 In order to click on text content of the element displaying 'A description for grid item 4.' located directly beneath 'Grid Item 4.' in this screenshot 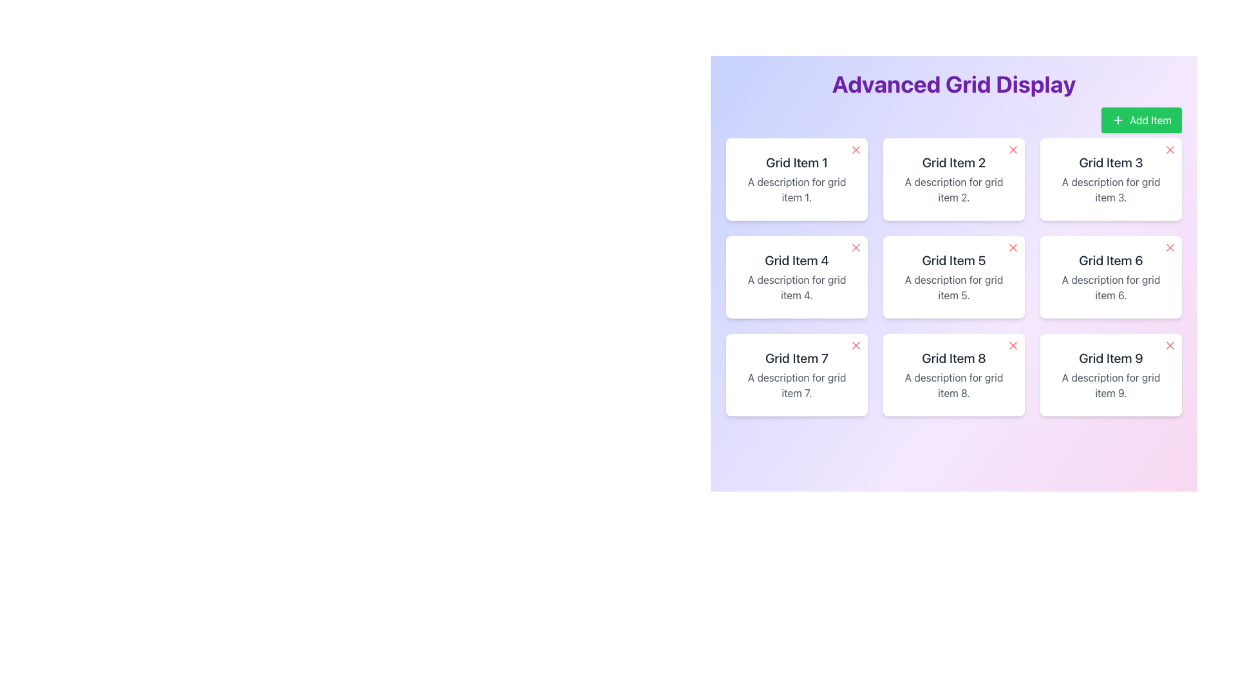, I will do `click(796, 287)`.